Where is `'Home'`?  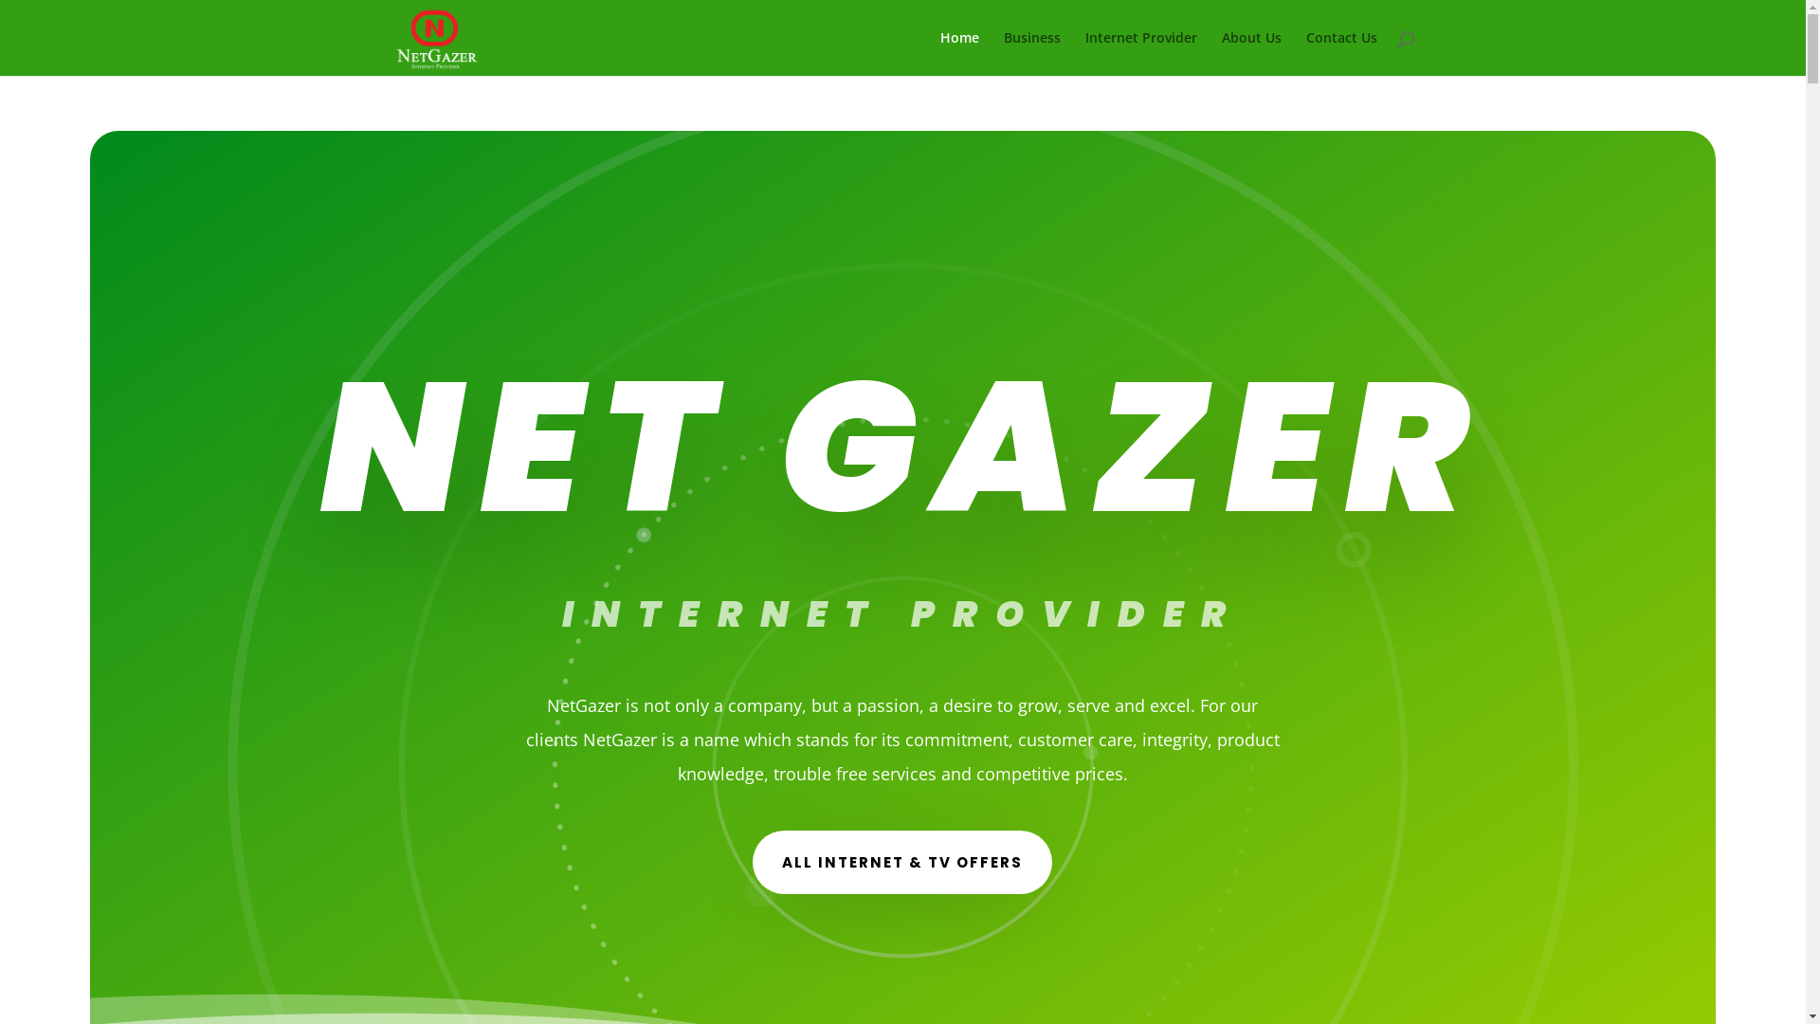 'Home' is located at coordinates (959, 52).